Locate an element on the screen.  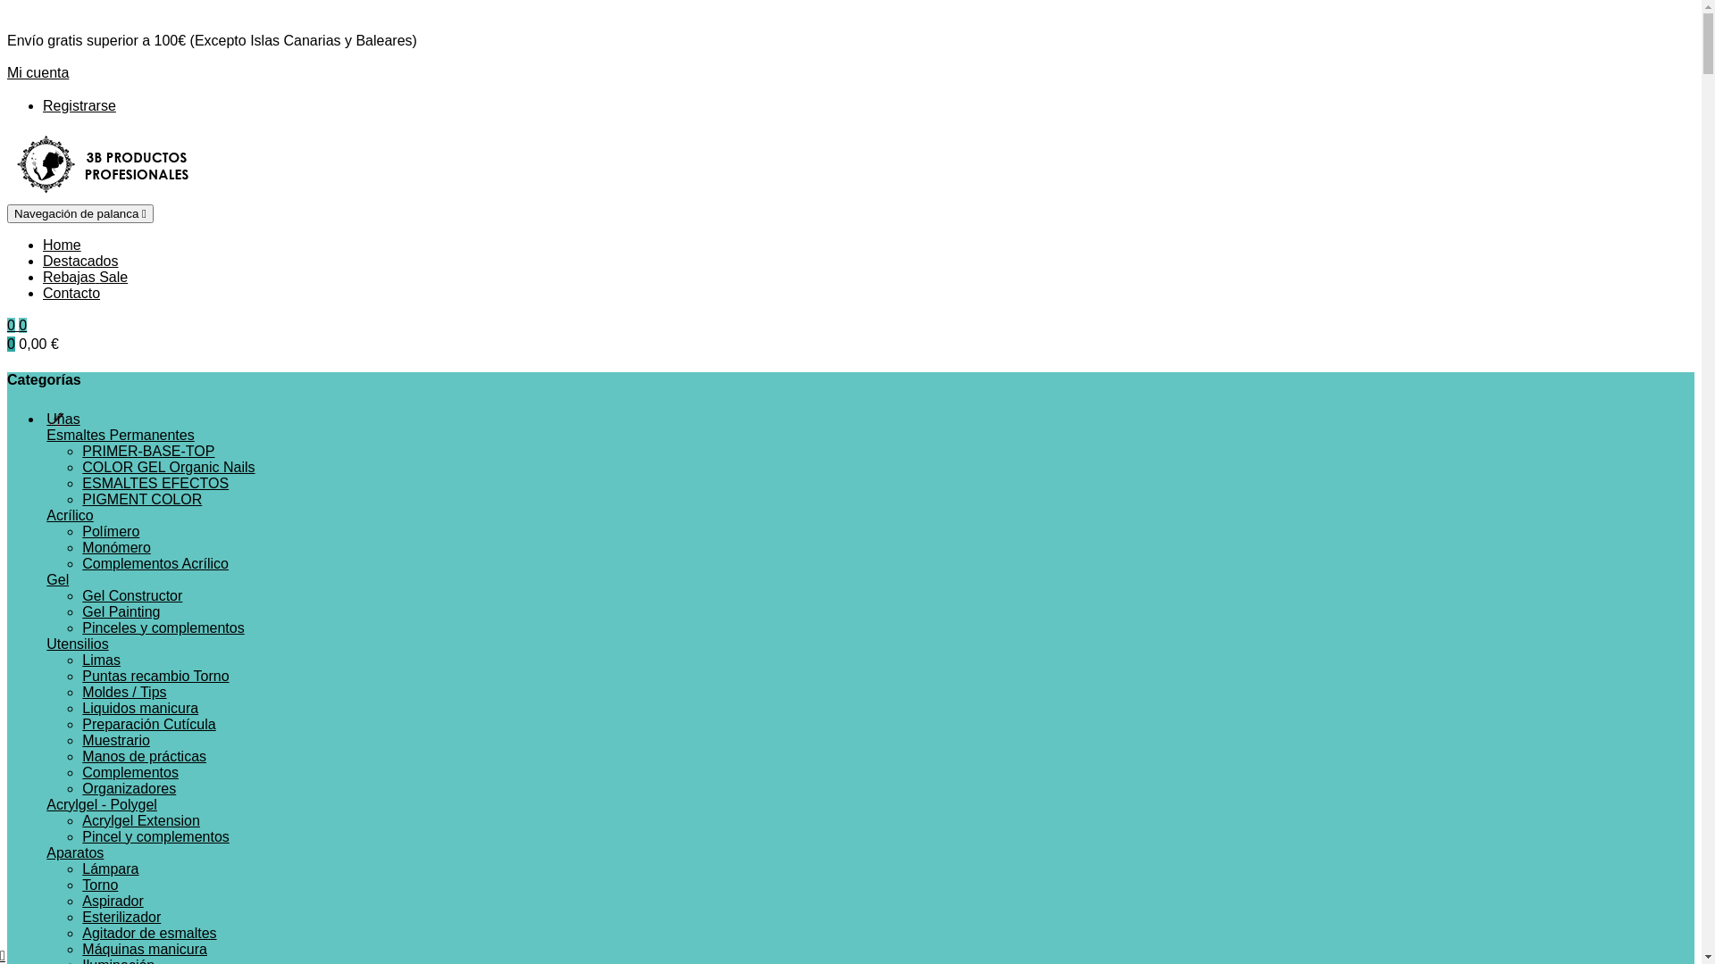
'Liquidos manicura' is located at coordinates (139, 707).